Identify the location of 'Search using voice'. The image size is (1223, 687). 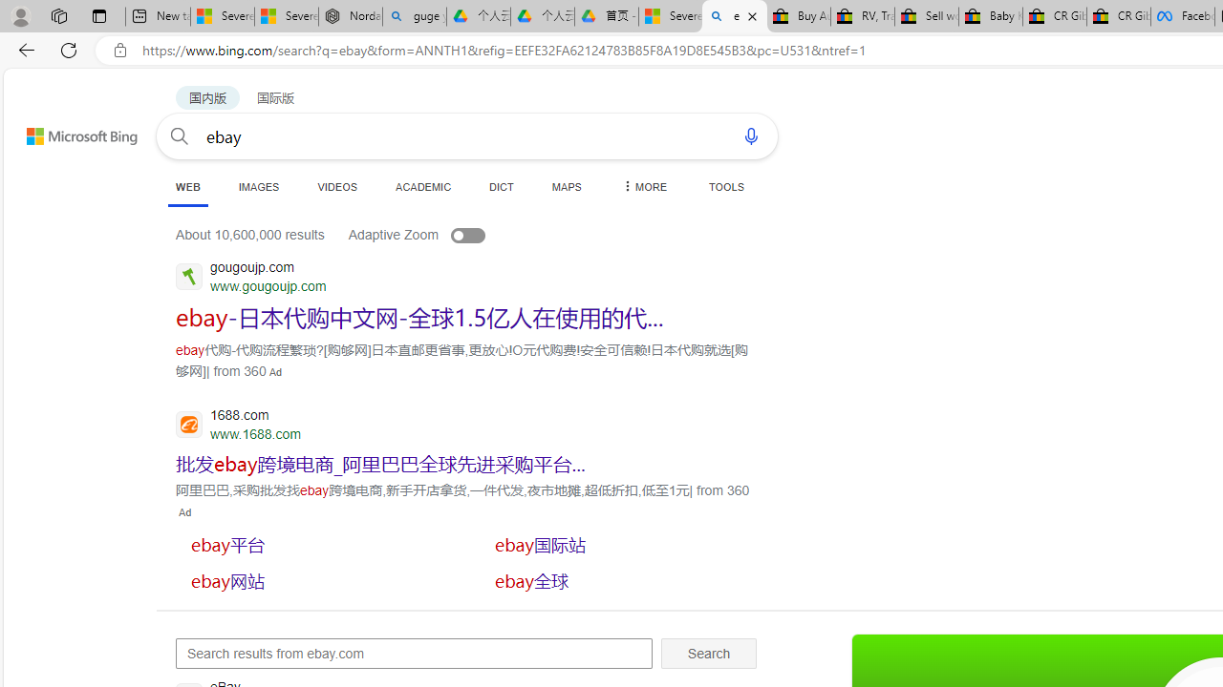
(749, 135).